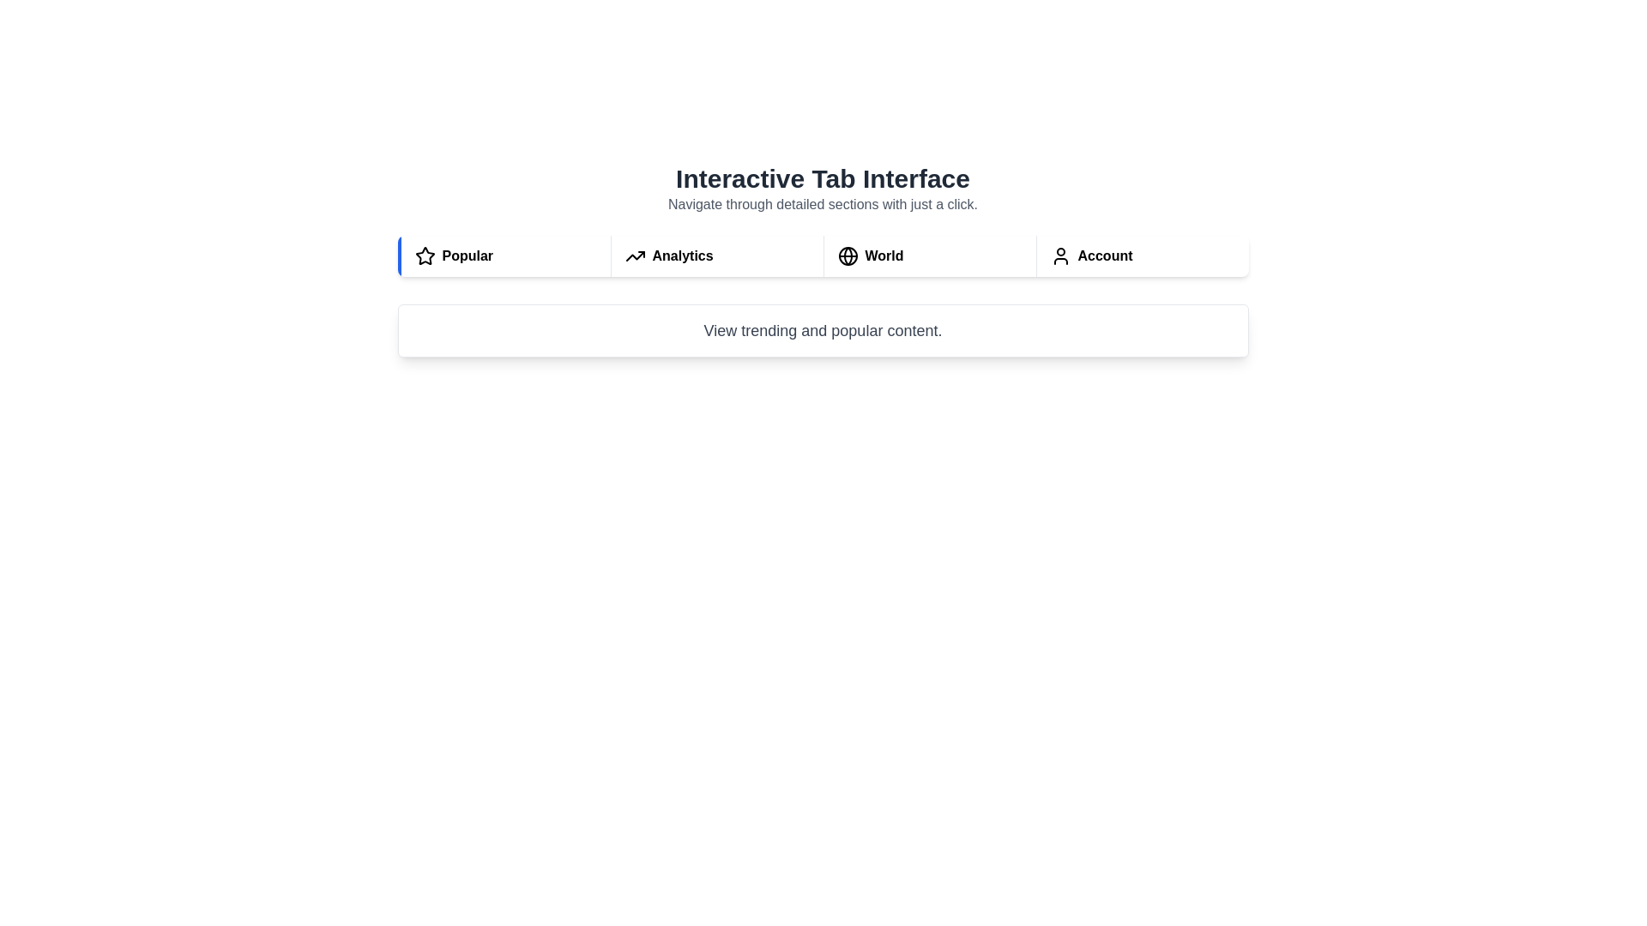 The image size is (1647, 926). What do you see at coordinates (928, 256) in the screenshot?
I see `the World tab to preview its style` at bounding box center [928, 256].